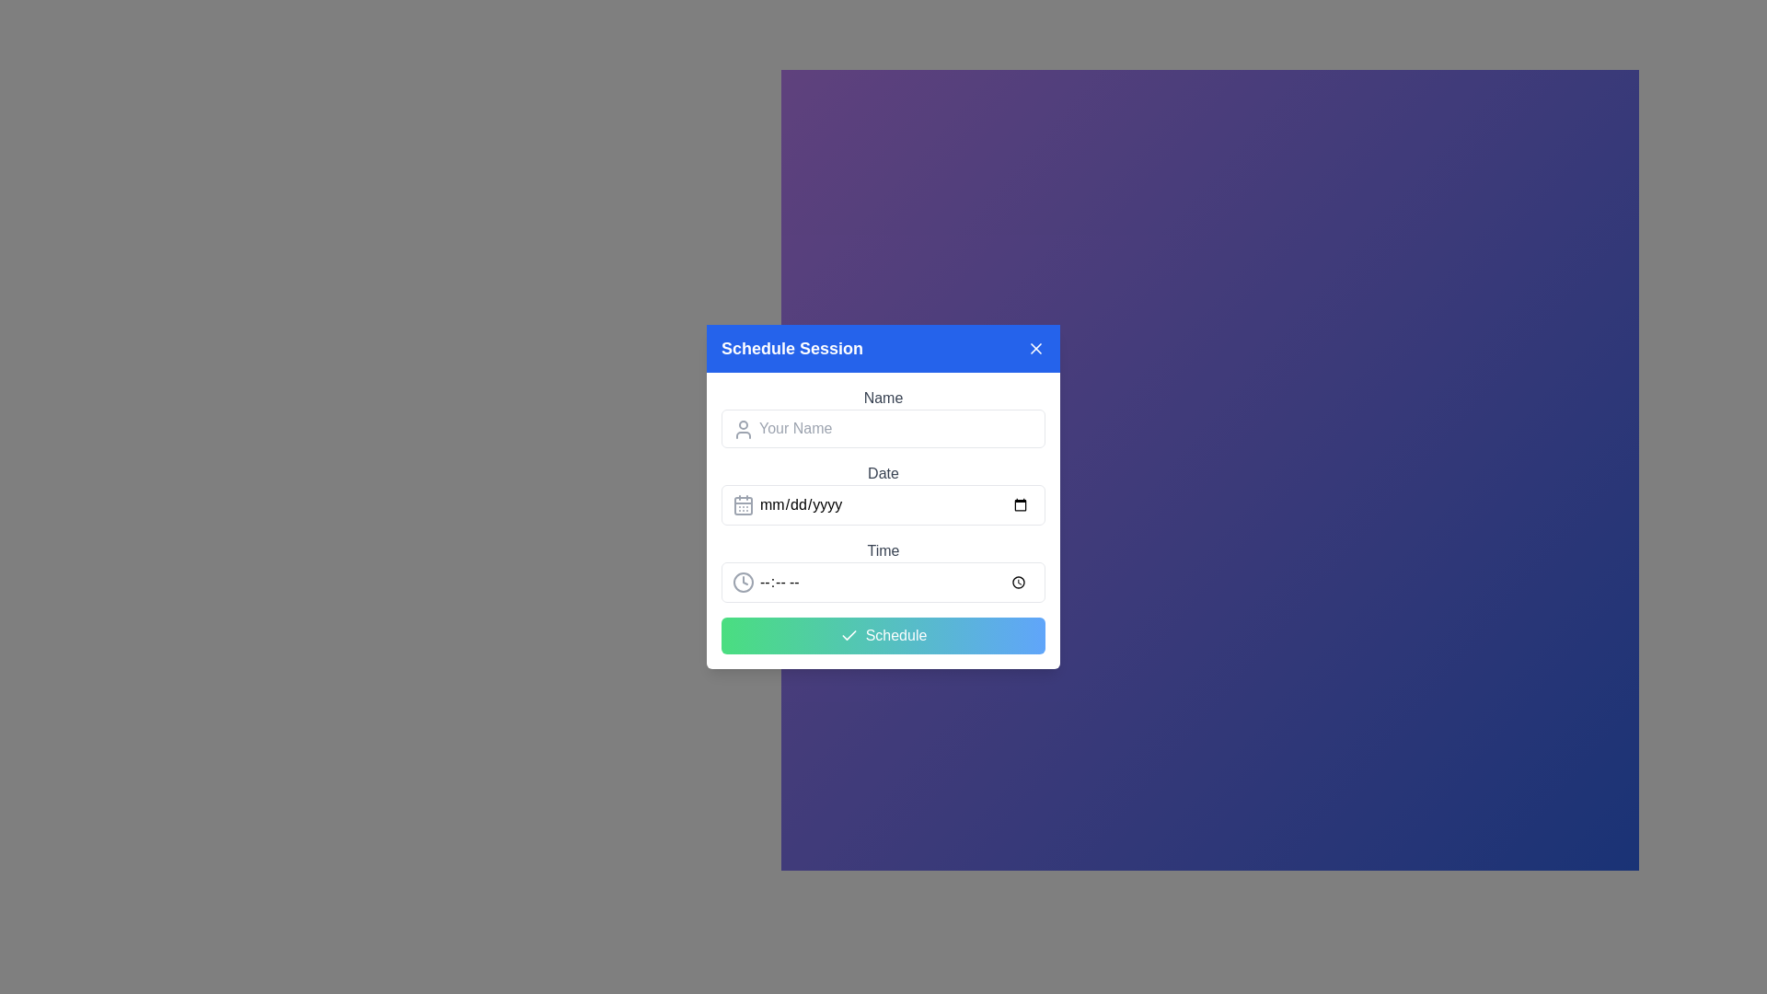 The image size is (1767, 994). I want to click on the title Text Label of the modal dialog that indicates the purpose of scheduling a session, so click(792, 348).